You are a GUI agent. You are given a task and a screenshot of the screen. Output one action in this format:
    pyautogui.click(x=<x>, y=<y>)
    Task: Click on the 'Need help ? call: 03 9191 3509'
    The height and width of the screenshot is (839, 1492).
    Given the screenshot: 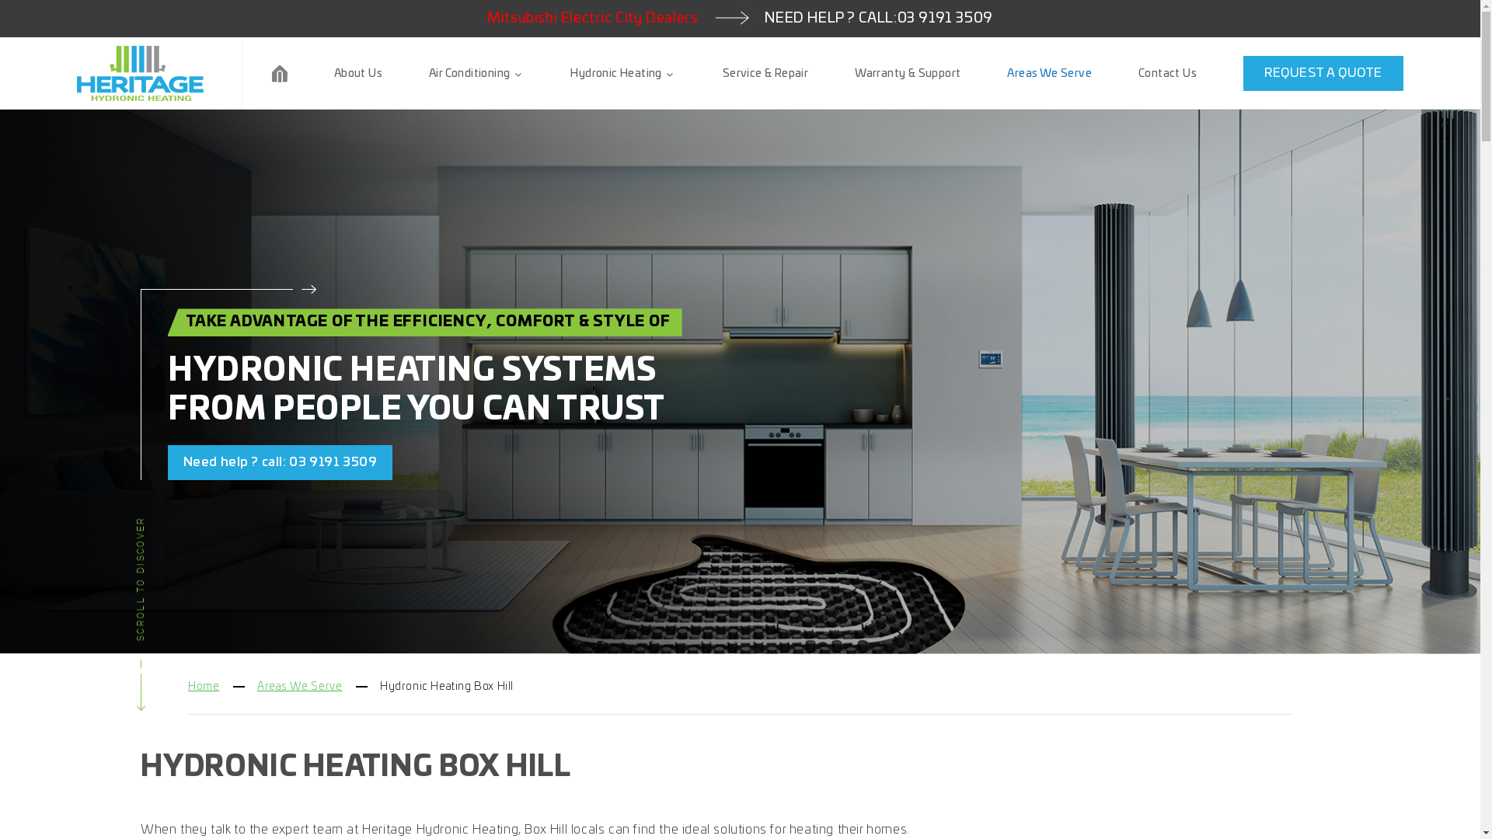 What is the action you would take?
    pyautogui.click(x=280, y=461)
    